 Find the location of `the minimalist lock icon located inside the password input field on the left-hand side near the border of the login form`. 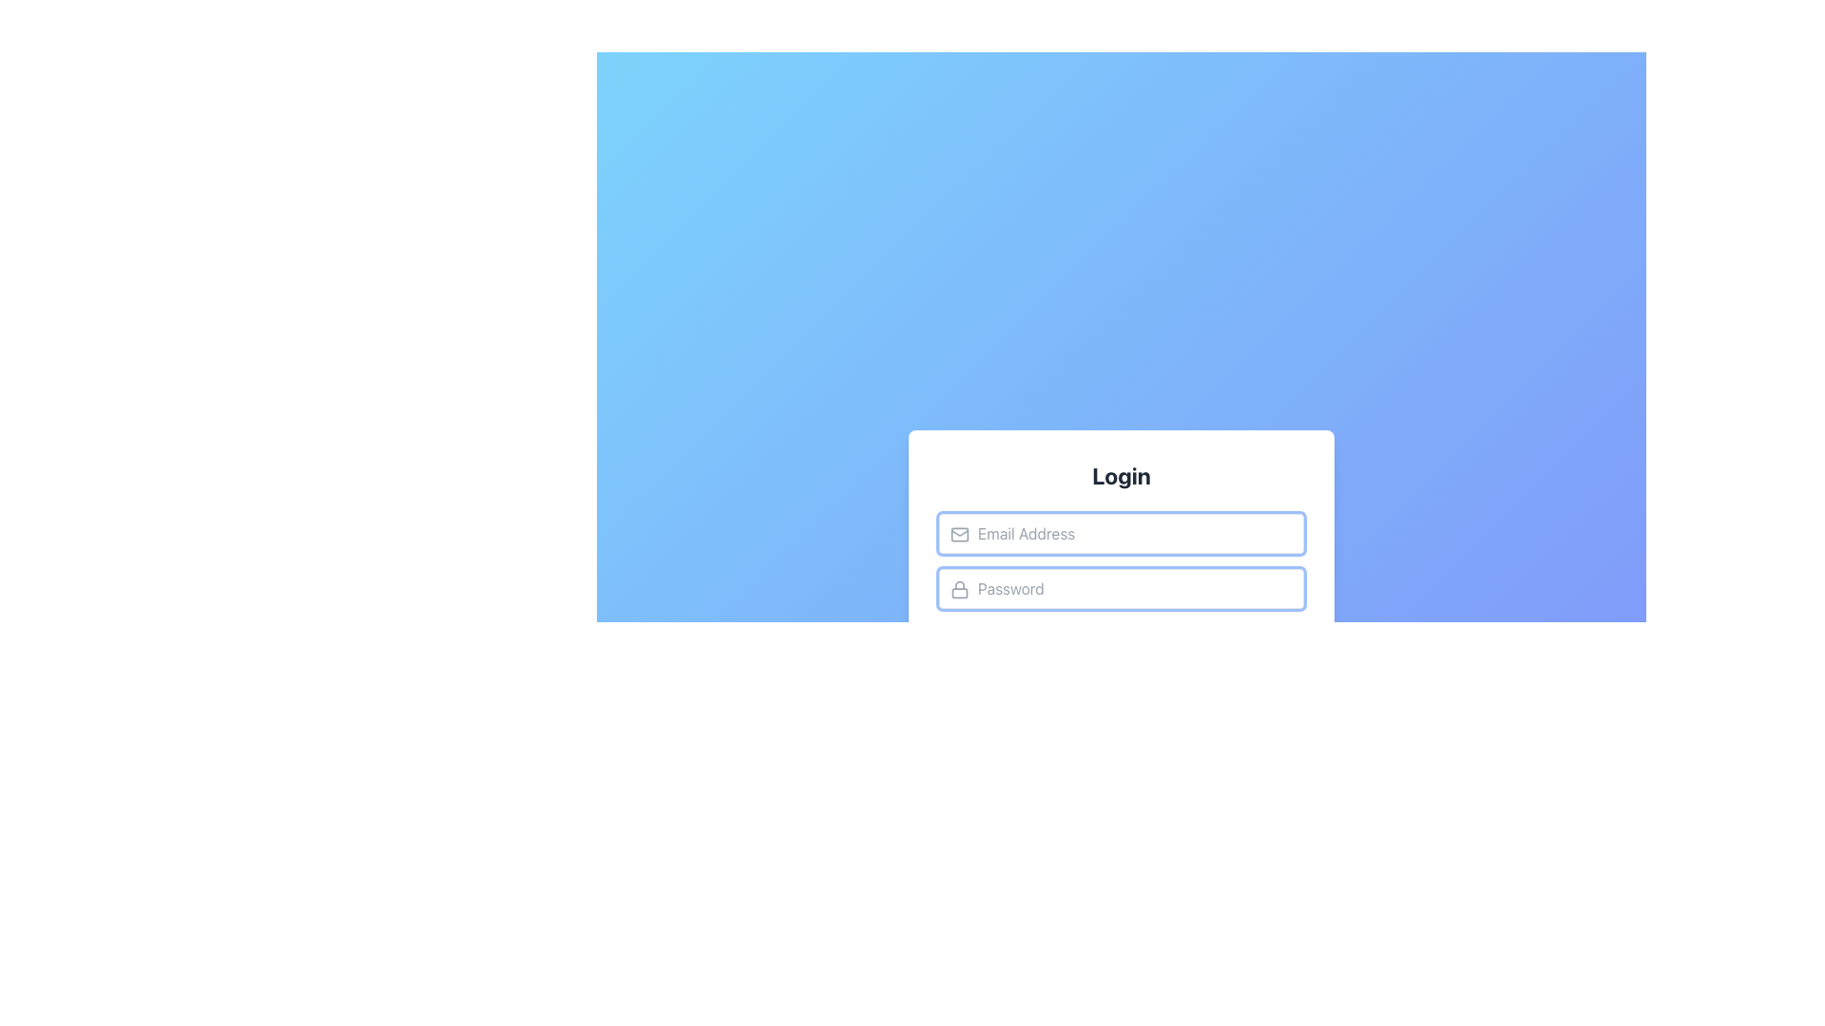

the minimalist lock icon located inside the password input field on the left-hand side near the border of the login form is located at coordinates (959, 589).